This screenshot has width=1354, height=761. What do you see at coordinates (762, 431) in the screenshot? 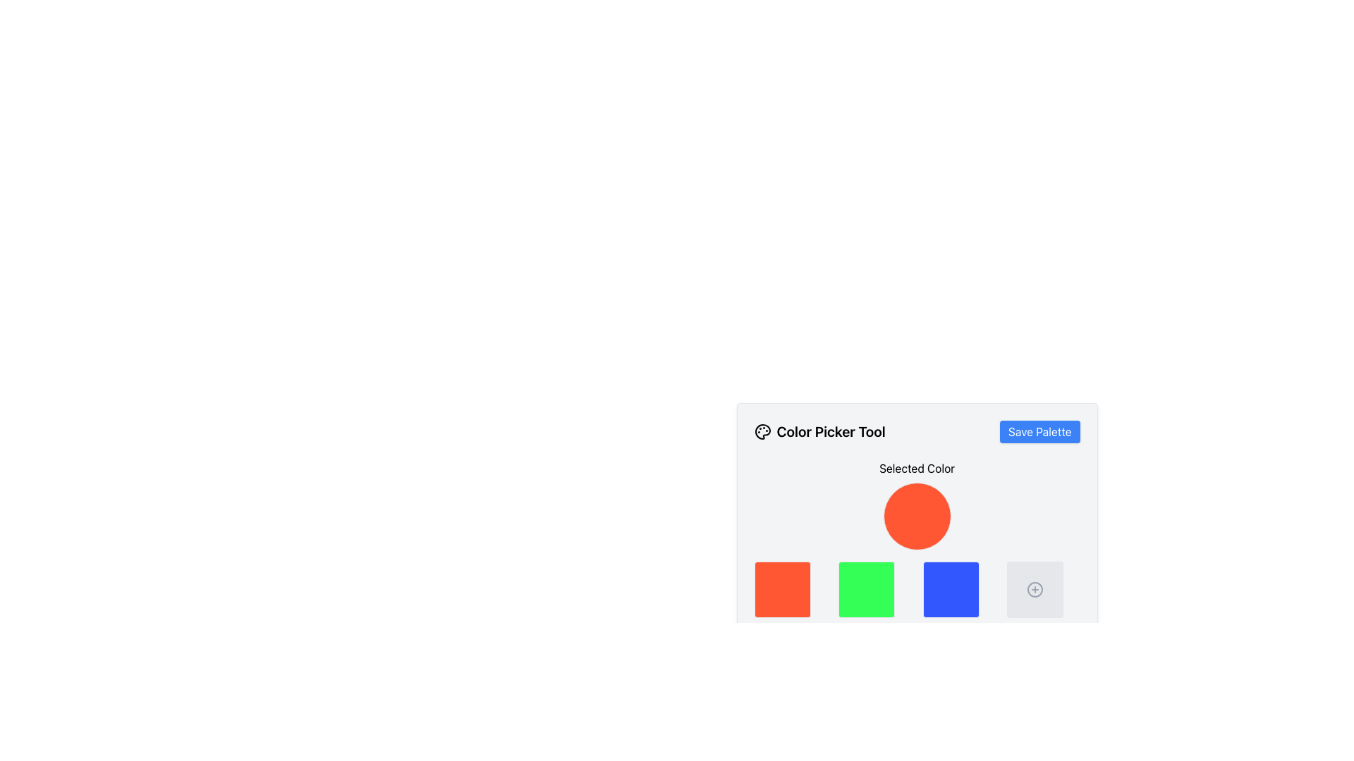
I see `the SVG-based color picker tool icon located near the top-left section of the application interface, adjacent to the title 'Color Picker Tool'` at bounding box center [762, 431].